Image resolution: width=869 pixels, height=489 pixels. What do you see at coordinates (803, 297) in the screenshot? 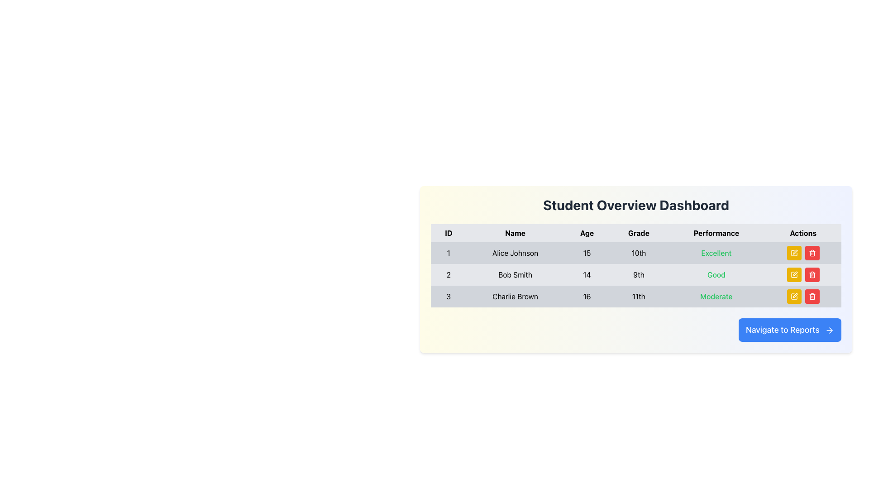
I see `the red button with a white trash can icon in the Button Group located in the last row of the table under the 'Actions' column, adjacent to the 'Moderate' performance label` at bounding box center [803, 297].